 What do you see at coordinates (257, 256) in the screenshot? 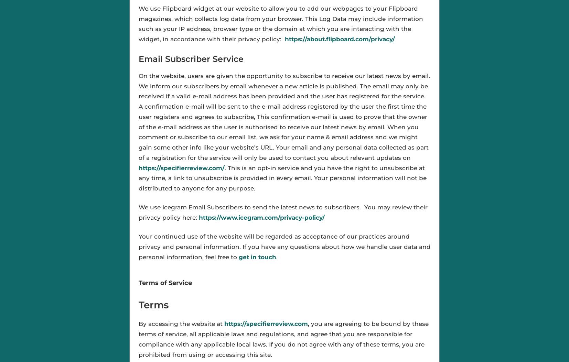
I see `'get in touch'` at bounding box center [257, 256].